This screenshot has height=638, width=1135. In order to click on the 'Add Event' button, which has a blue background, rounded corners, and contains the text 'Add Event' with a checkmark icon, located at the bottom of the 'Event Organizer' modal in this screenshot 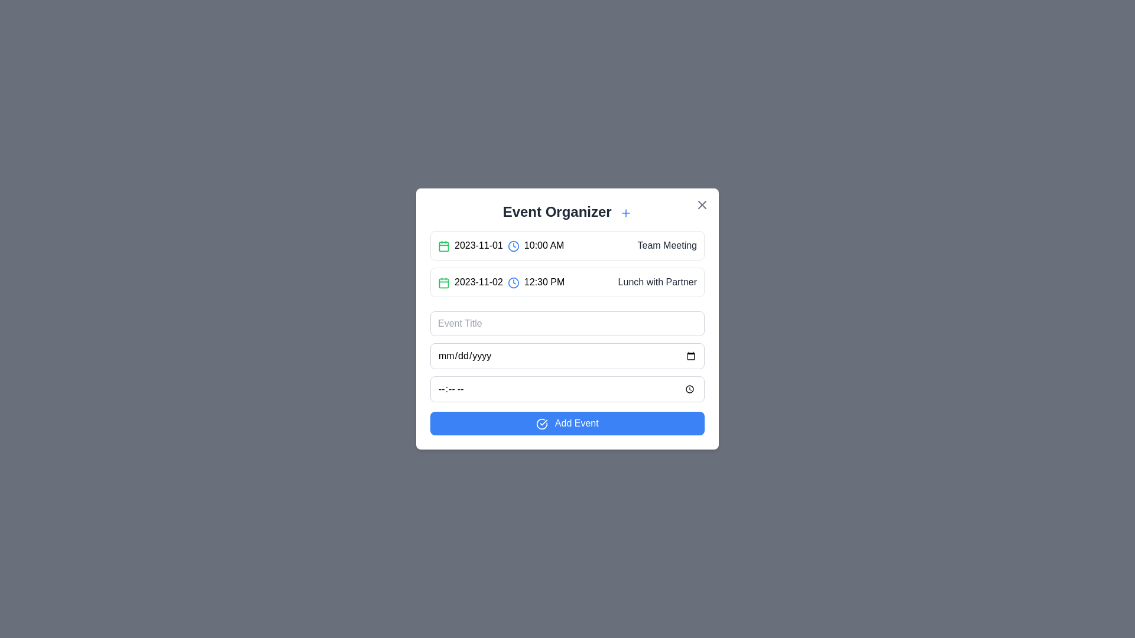, I will do `click(567, 423)`.